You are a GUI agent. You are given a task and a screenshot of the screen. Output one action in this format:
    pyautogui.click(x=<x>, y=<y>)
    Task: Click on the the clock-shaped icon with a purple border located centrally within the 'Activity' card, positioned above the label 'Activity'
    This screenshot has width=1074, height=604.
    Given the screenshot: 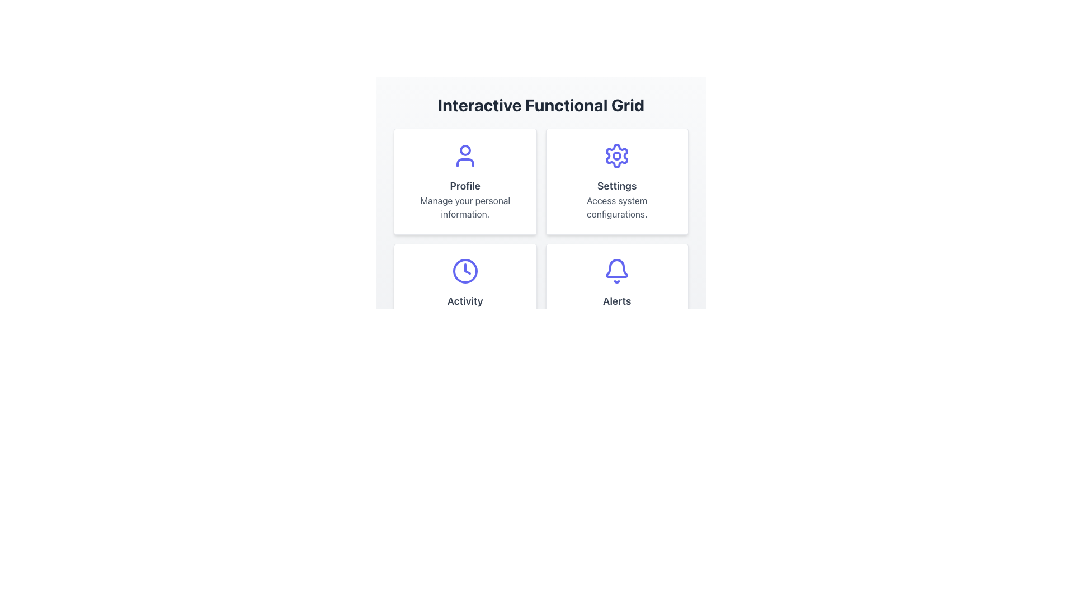 What is the action you would take?
    pyautogui.click(x=465, y=271)
    